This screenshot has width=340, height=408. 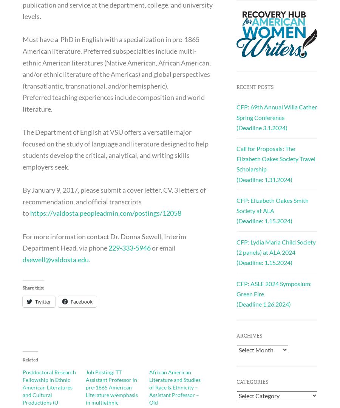 I want to click on 'dsewell@valdosta.edu', so click(x=56, y=259).